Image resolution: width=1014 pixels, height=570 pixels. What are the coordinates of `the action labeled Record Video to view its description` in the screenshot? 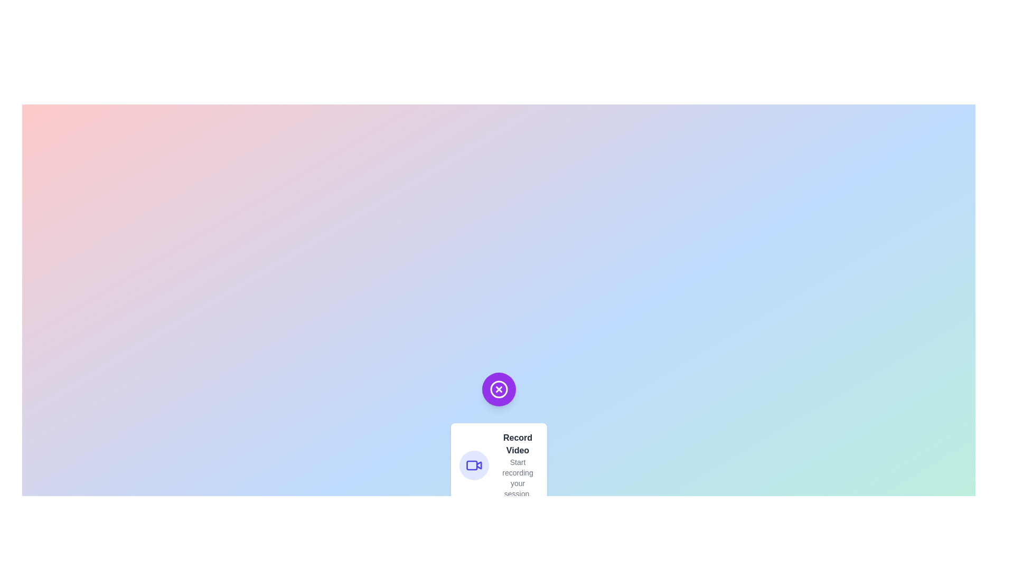 It's located at (498, 465).